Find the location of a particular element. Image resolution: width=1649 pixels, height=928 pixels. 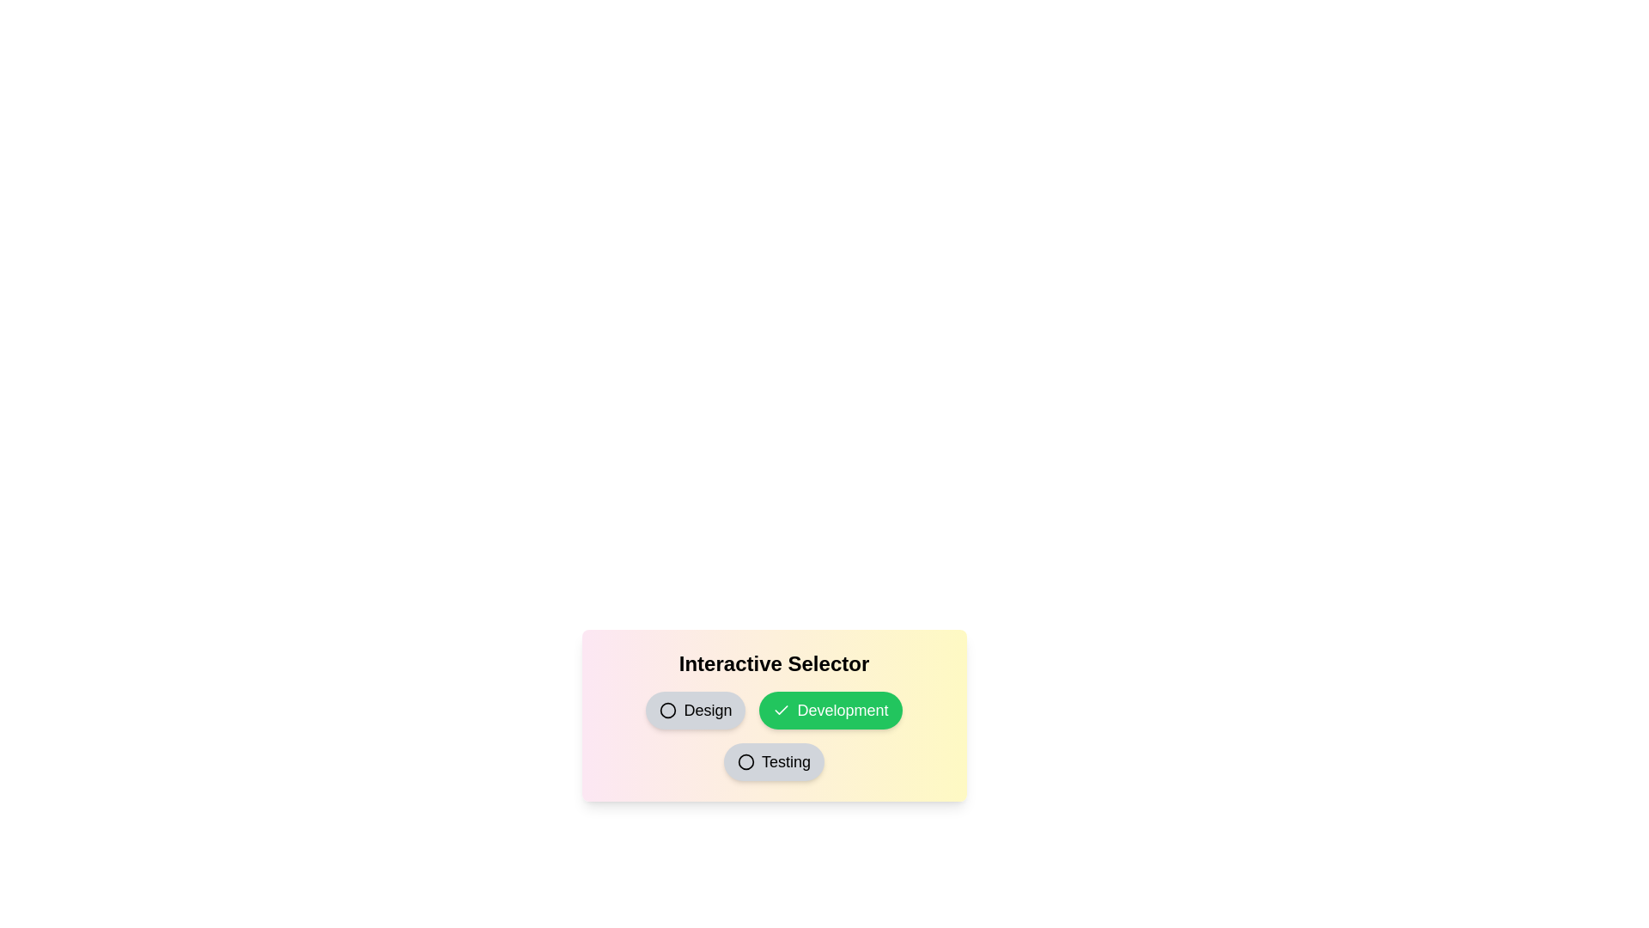

the 'Development' button to toggle its selection state is located at coordinates (831, 710).